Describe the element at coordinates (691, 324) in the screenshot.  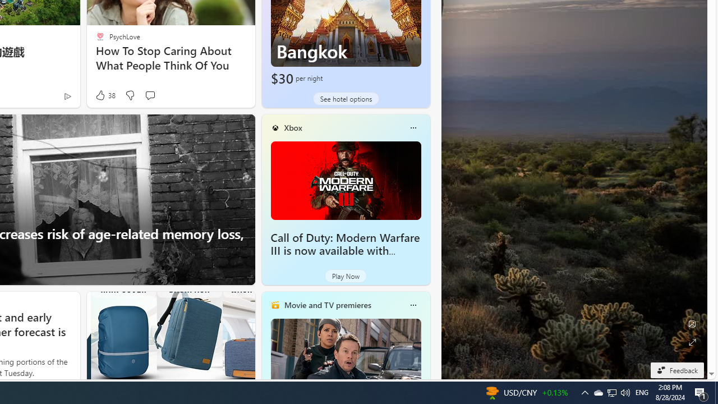
I see `'Edit Background'` at that location.